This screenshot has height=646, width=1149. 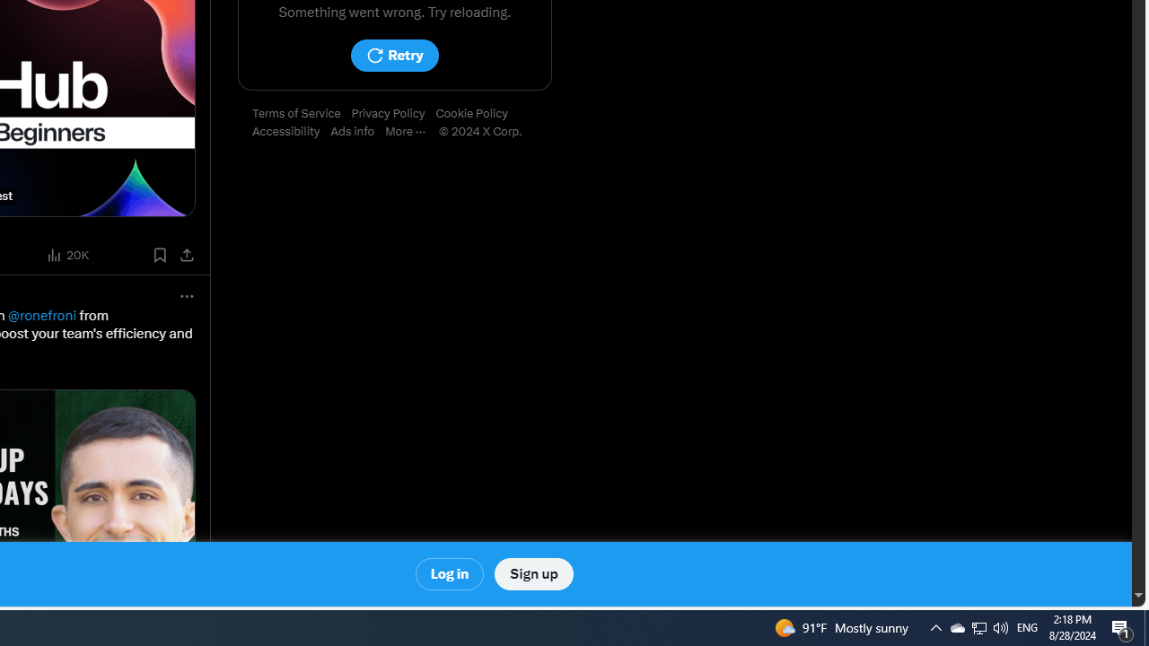 What do you see at coordinates (450, 574) in the screenshot?
I see `'Log in'` at bounding box center [450, 574].